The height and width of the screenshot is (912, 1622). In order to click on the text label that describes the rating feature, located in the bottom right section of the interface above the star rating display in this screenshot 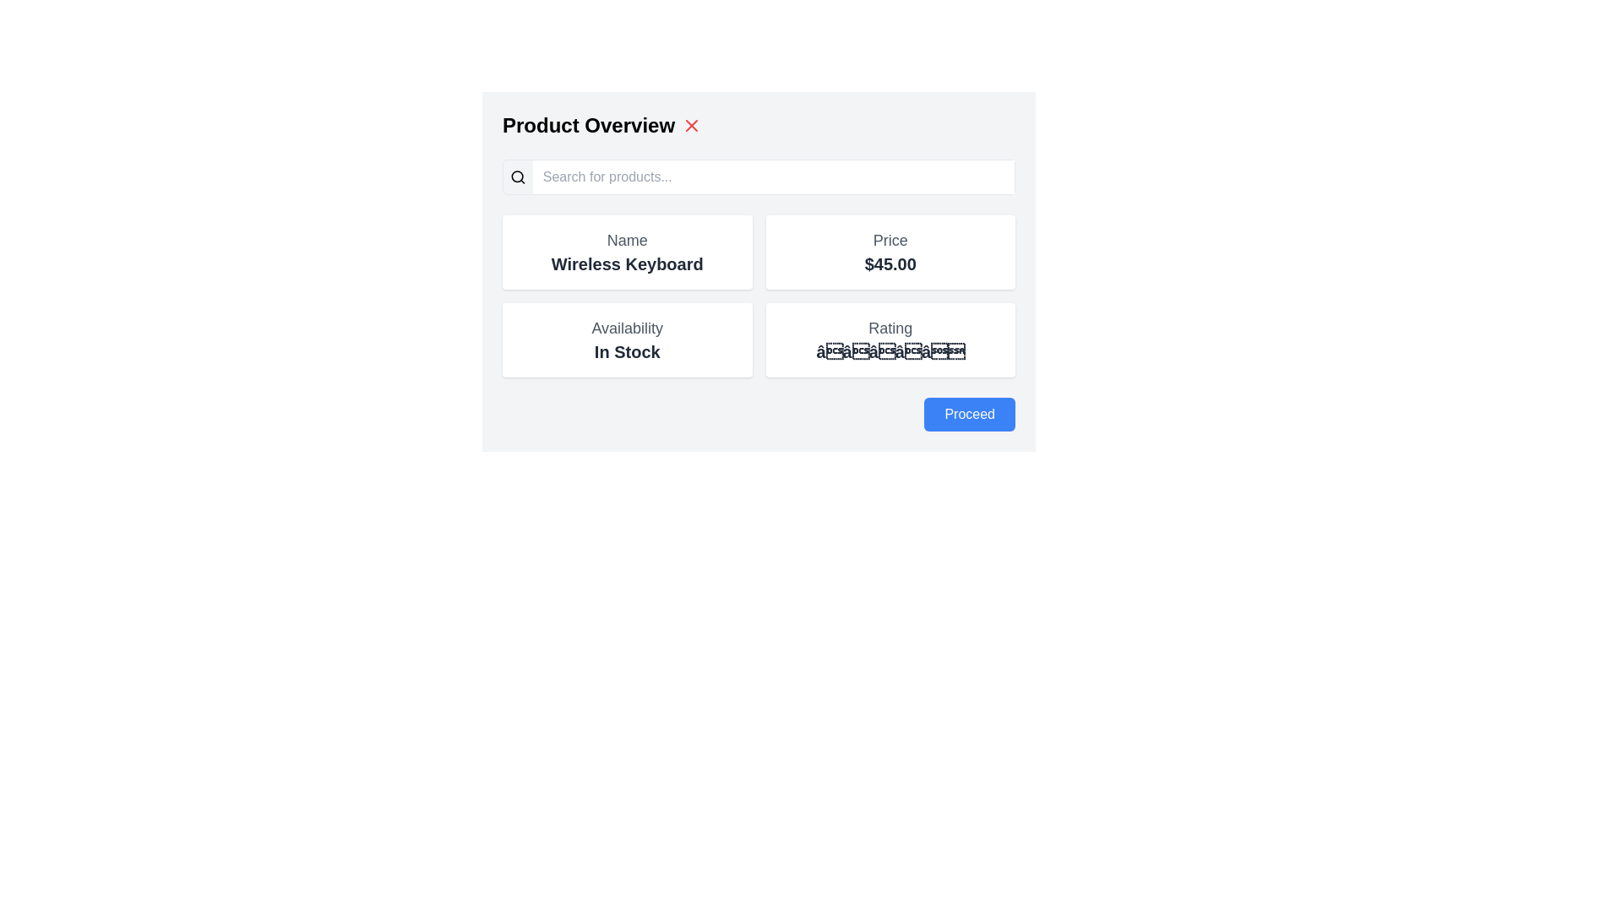, I will do `click(890, 328)`.